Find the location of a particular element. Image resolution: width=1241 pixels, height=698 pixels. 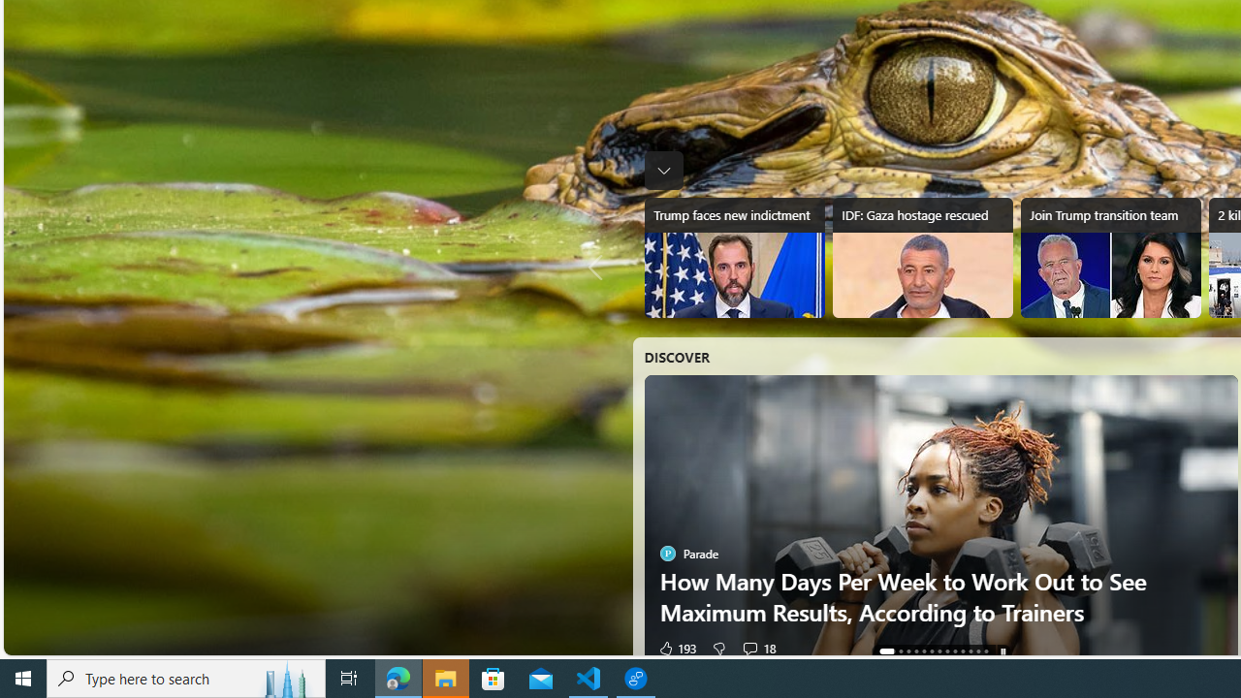

'Trump faces new indictment' is located at coordinates (733, 257).